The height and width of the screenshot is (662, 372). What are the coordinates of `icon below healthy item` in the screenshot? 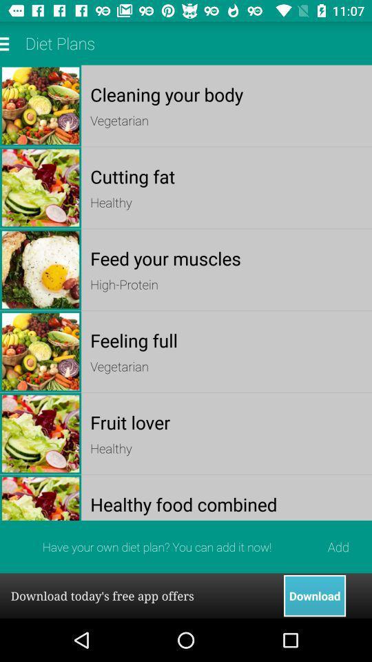 It's located at (227, 257).